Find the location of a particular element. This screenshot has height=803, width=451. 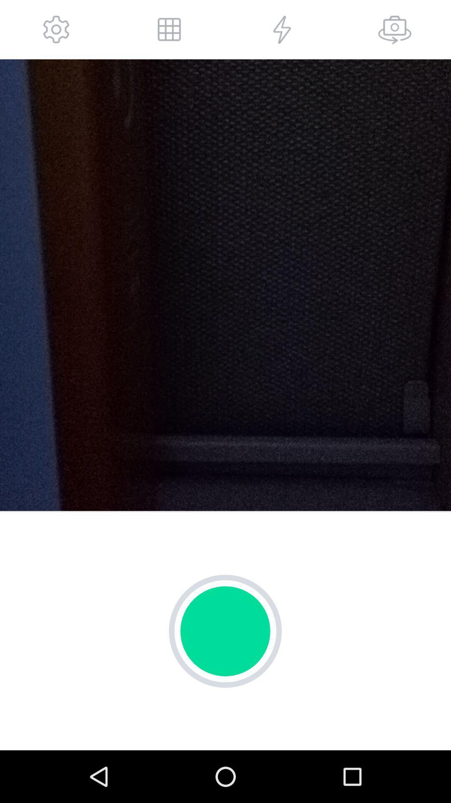

the microphone icon is located at coordinates (395, 31).